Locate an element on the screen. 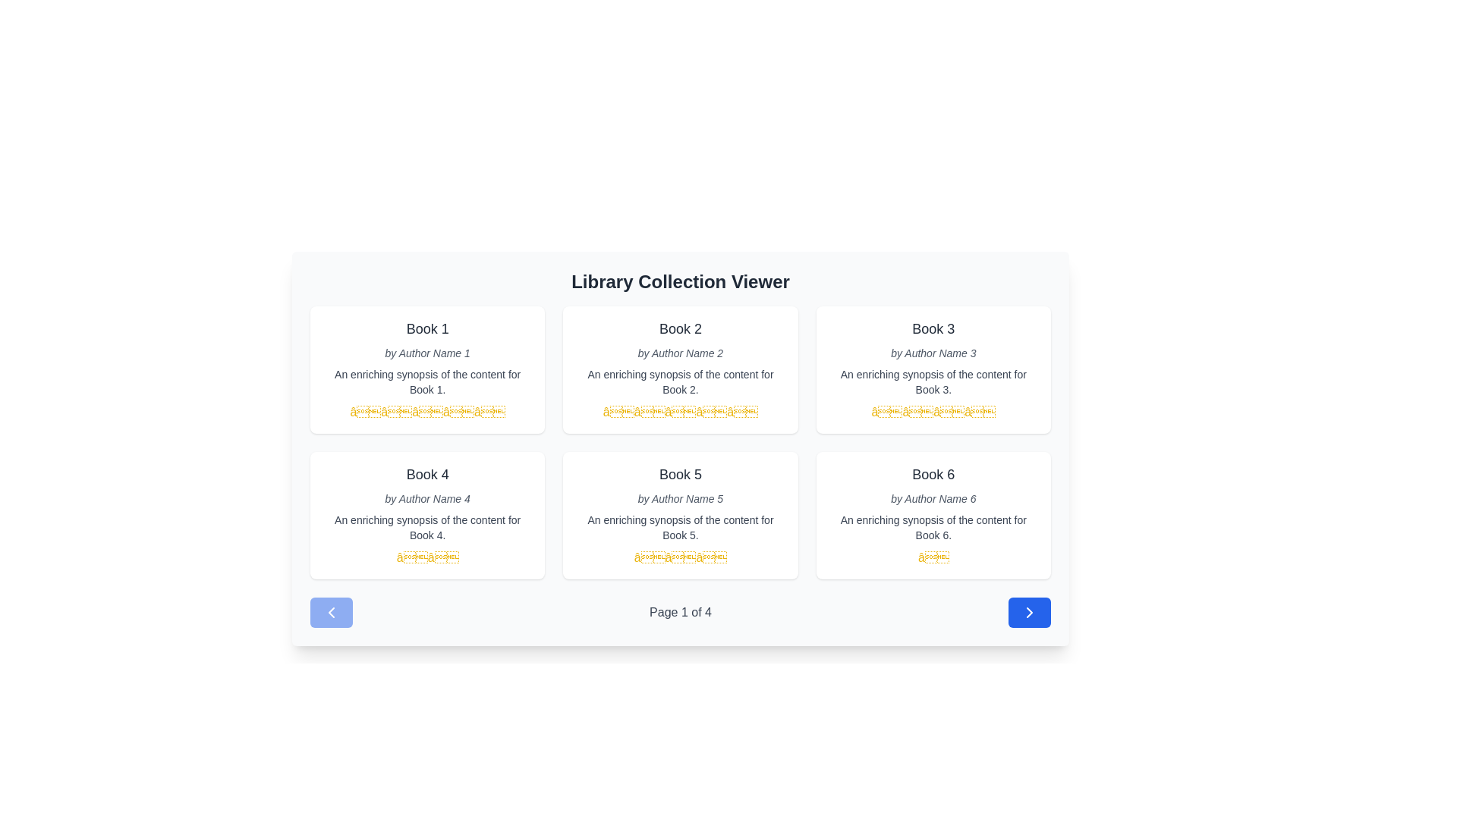 The image size is (1457, 819). the status indicator text label that shows the current page ('1') and total pages ('4') in the footer area beneath the grid of books is located at coordinates (680, 611).